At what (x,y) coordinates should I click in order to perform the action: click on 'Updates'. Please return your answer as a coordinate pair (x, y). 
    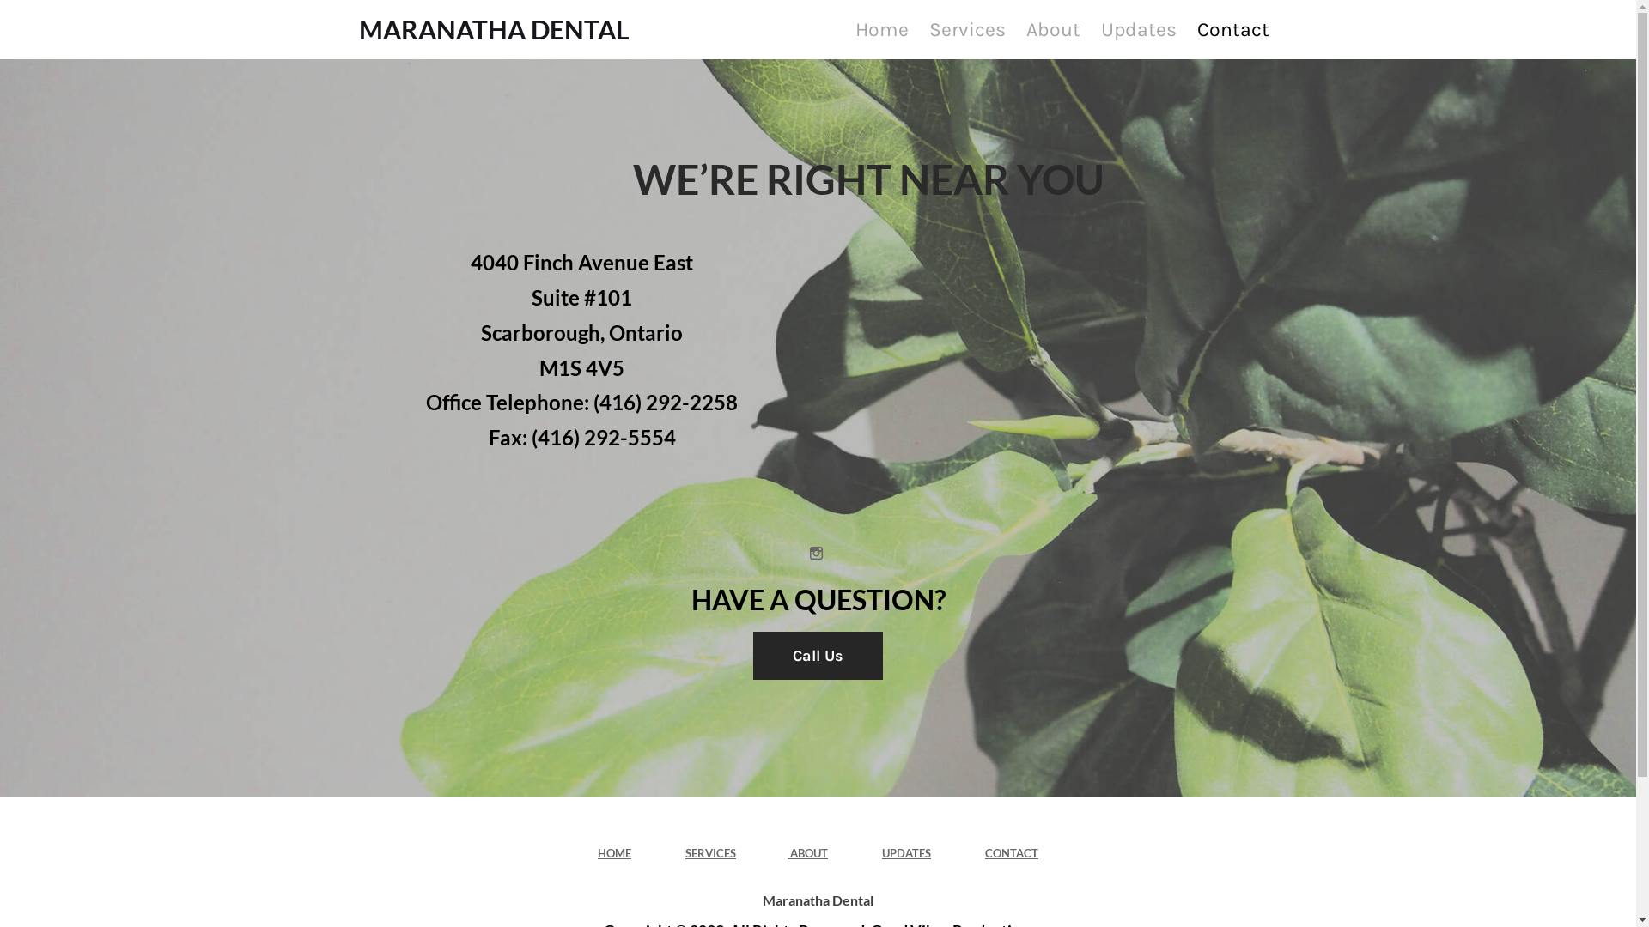
    Looking at the image, I should click on (1137, 29).